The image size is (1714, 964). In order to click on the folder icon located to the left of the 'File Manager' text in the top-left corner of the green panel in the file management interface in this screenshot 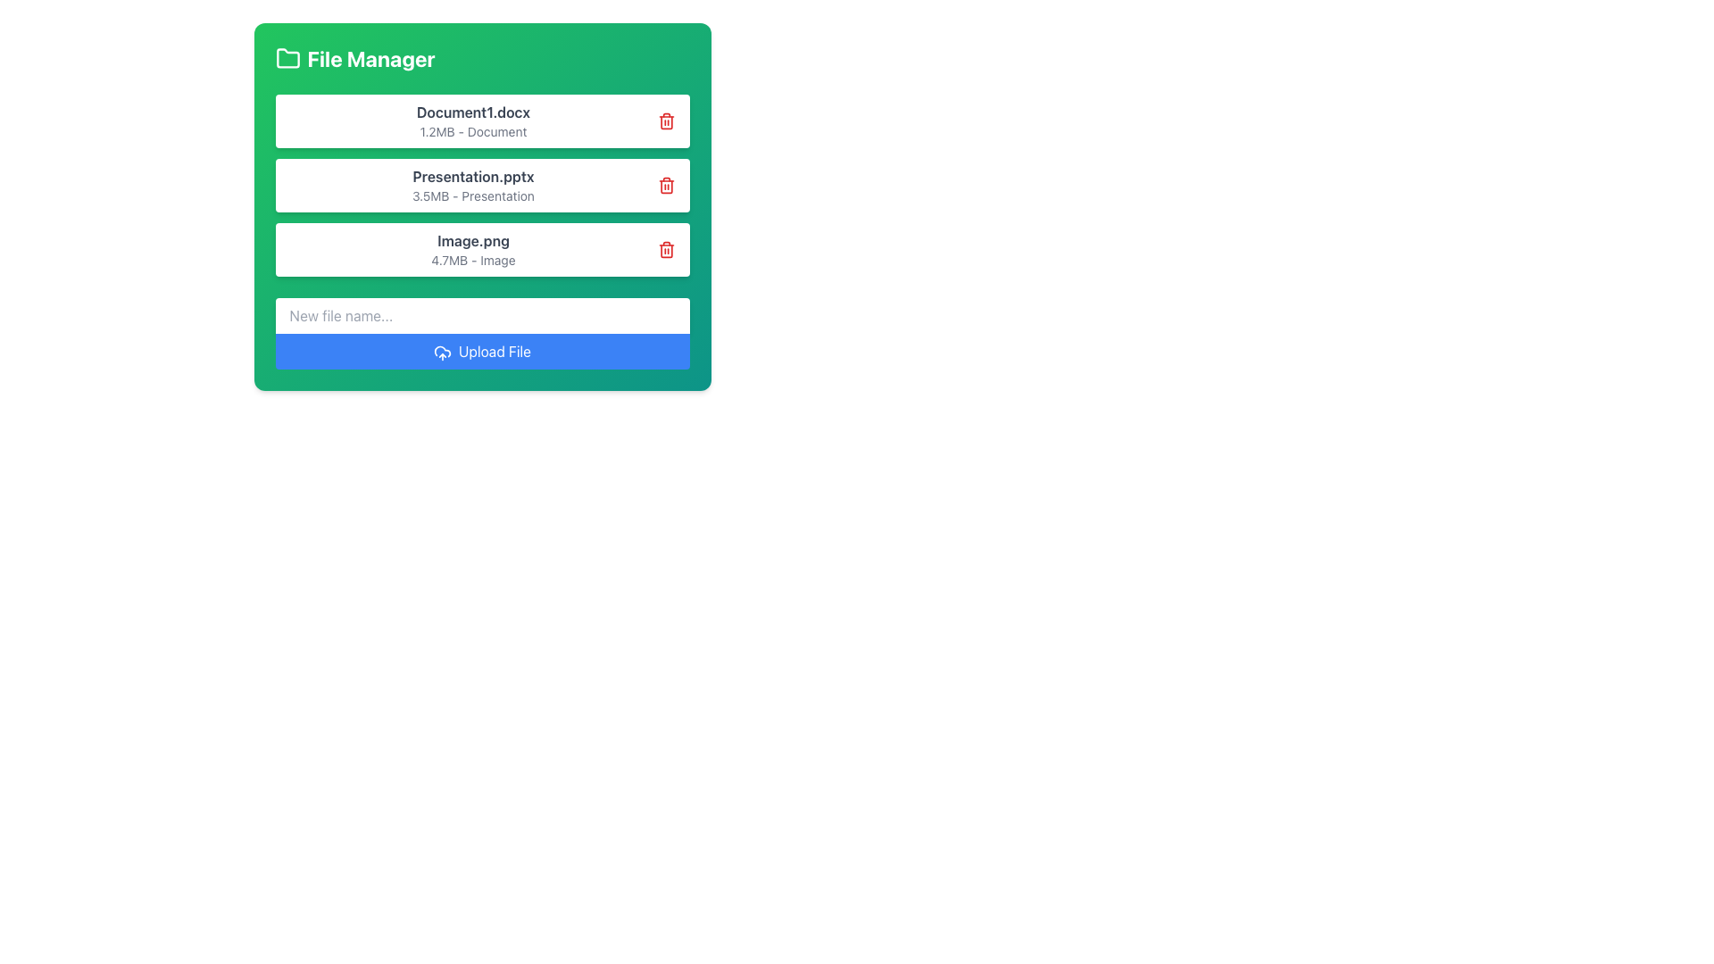, I will do `click(287, 57)`.